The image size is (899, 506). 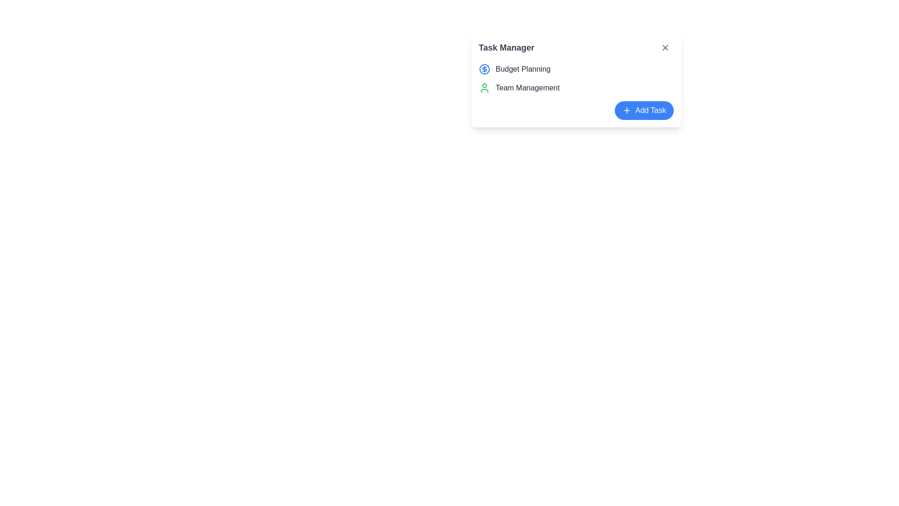 What do you see at coordinates (523, 68) in the screenshot?
I see `the Text Label that represents a task or category in the task manager interface, located to the right of the dollar sign icon` at bounding box center [523, 68].